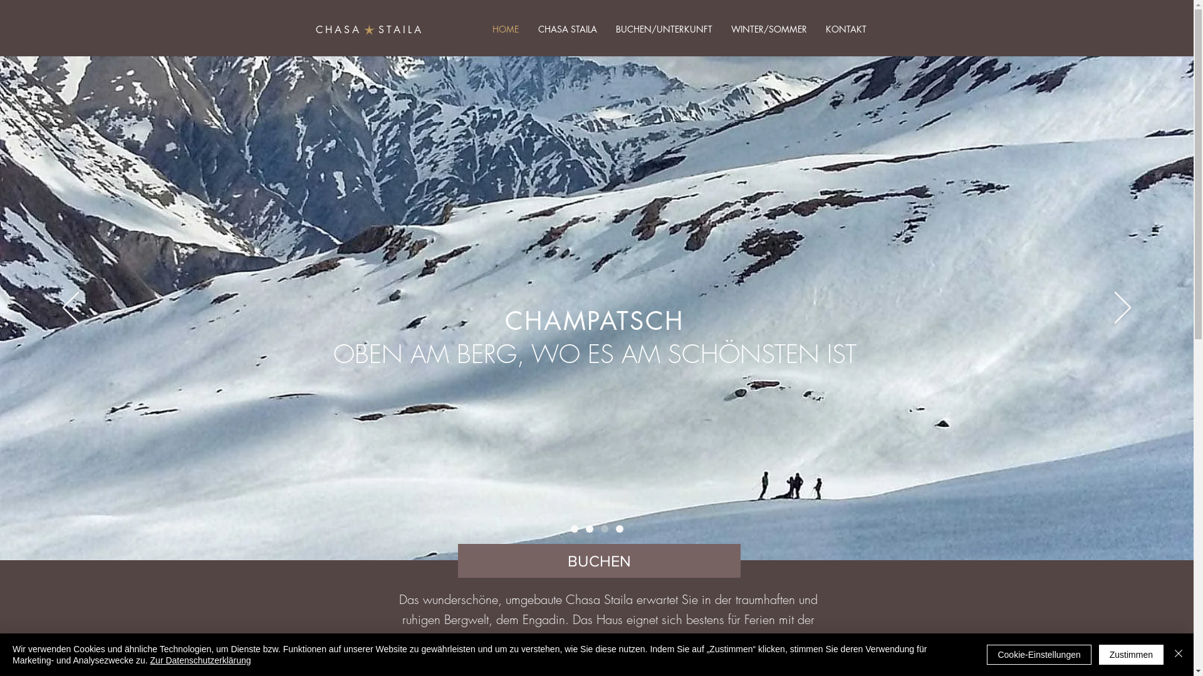 Image resolution: width=1203 pixels, height=676 pixels. I want to click on 'KONTAKT', so click(845, 28).